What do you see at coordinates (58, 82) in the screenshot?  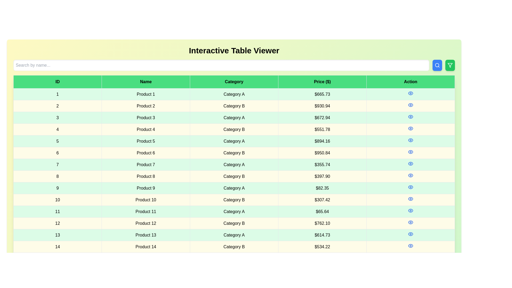 I see `the column header ID to sort the table` at bounding box center [58, 82].